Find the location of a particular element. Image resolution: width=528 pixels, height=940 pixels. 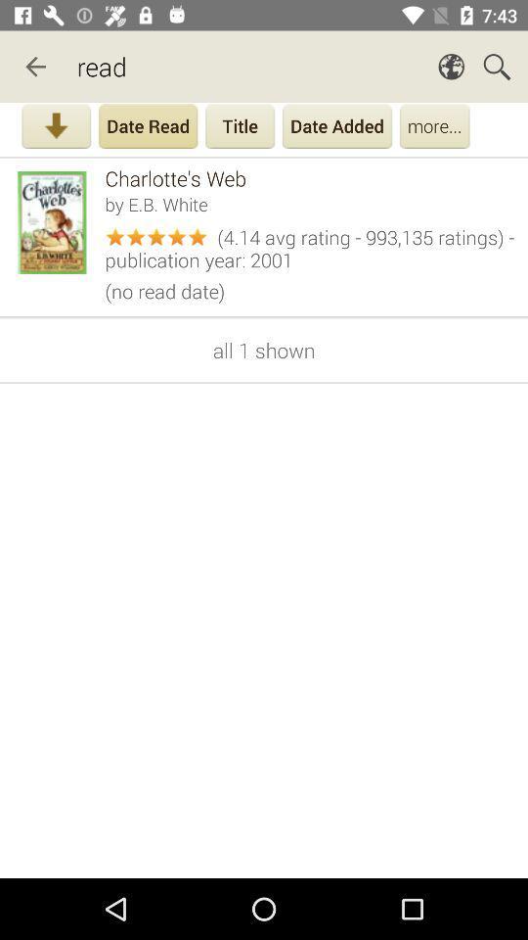

search icon at the right side of the page is located at coordinates (497, 67).